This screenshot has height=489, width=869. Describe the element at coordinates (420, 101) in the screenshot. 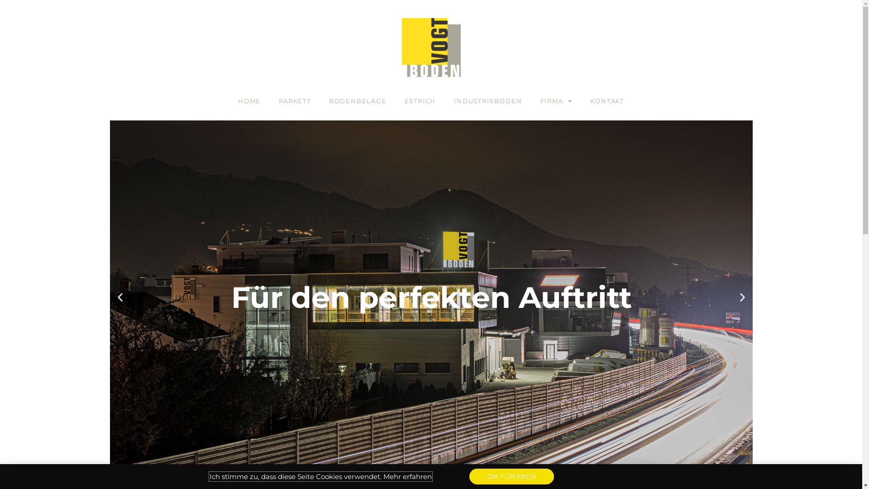

I see `'ESTRICH'` at that location.